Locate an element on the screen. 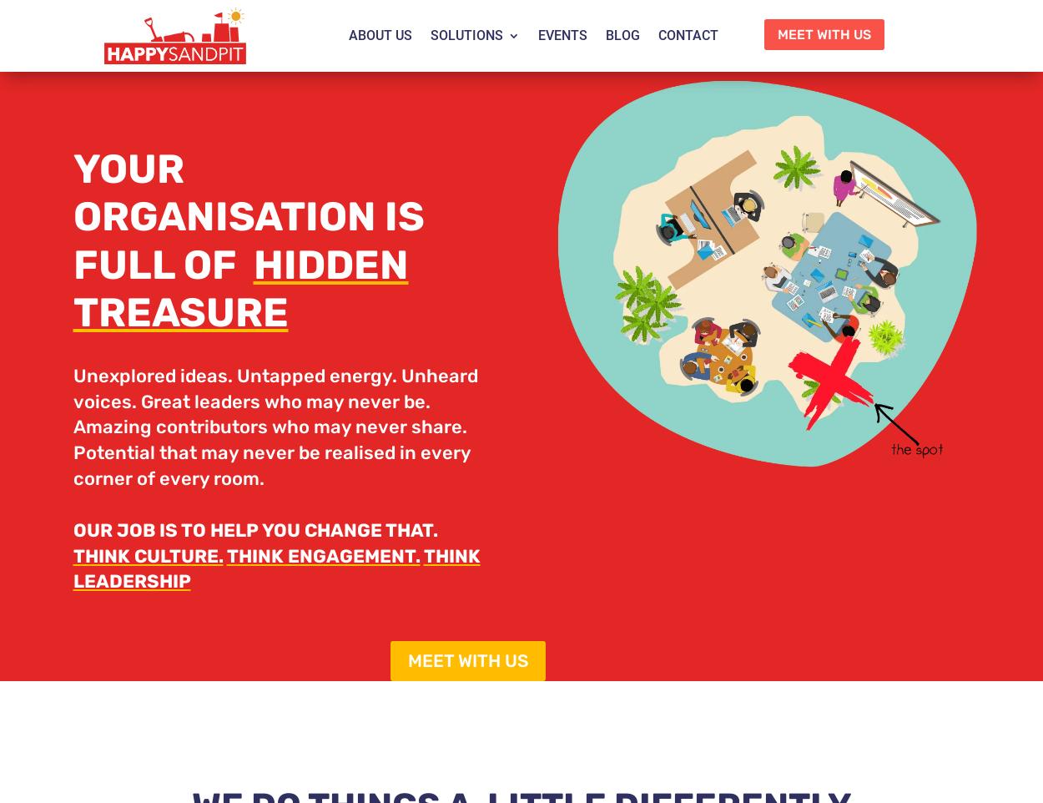 The height and width of the screenshot is (803, 1043). 'Think leadership' is located at coordinates (275, 567).